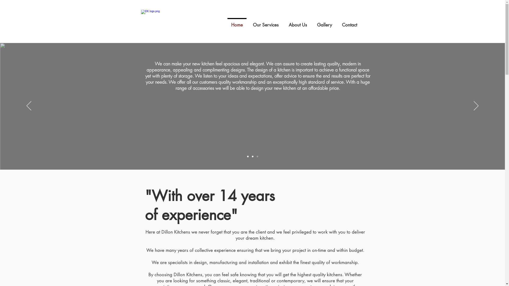 This screenshot has height=286, width=509. I want to click on 'Gallery', so click(324, 22).